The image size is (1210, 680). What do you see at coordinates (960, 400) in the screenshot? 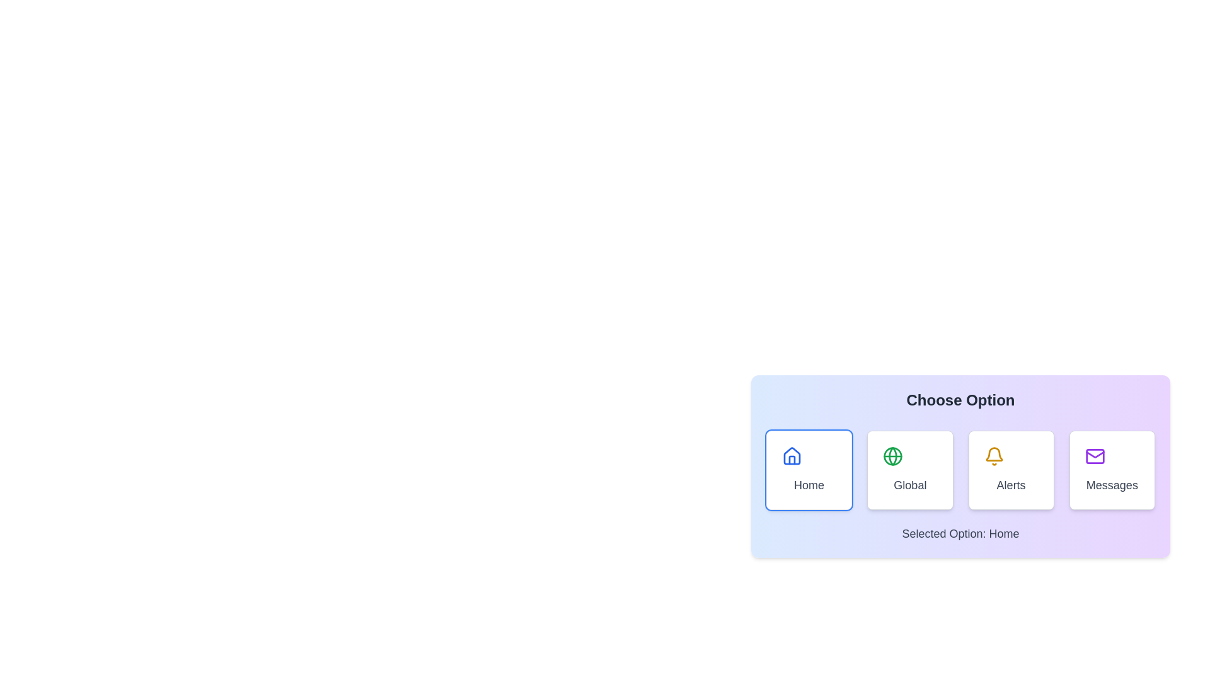
I see `the centered static text titled 'Choose Option', which is styled in bold and large font and positioned at the top of a card with a gradient background` at bounding box center [960, 400].